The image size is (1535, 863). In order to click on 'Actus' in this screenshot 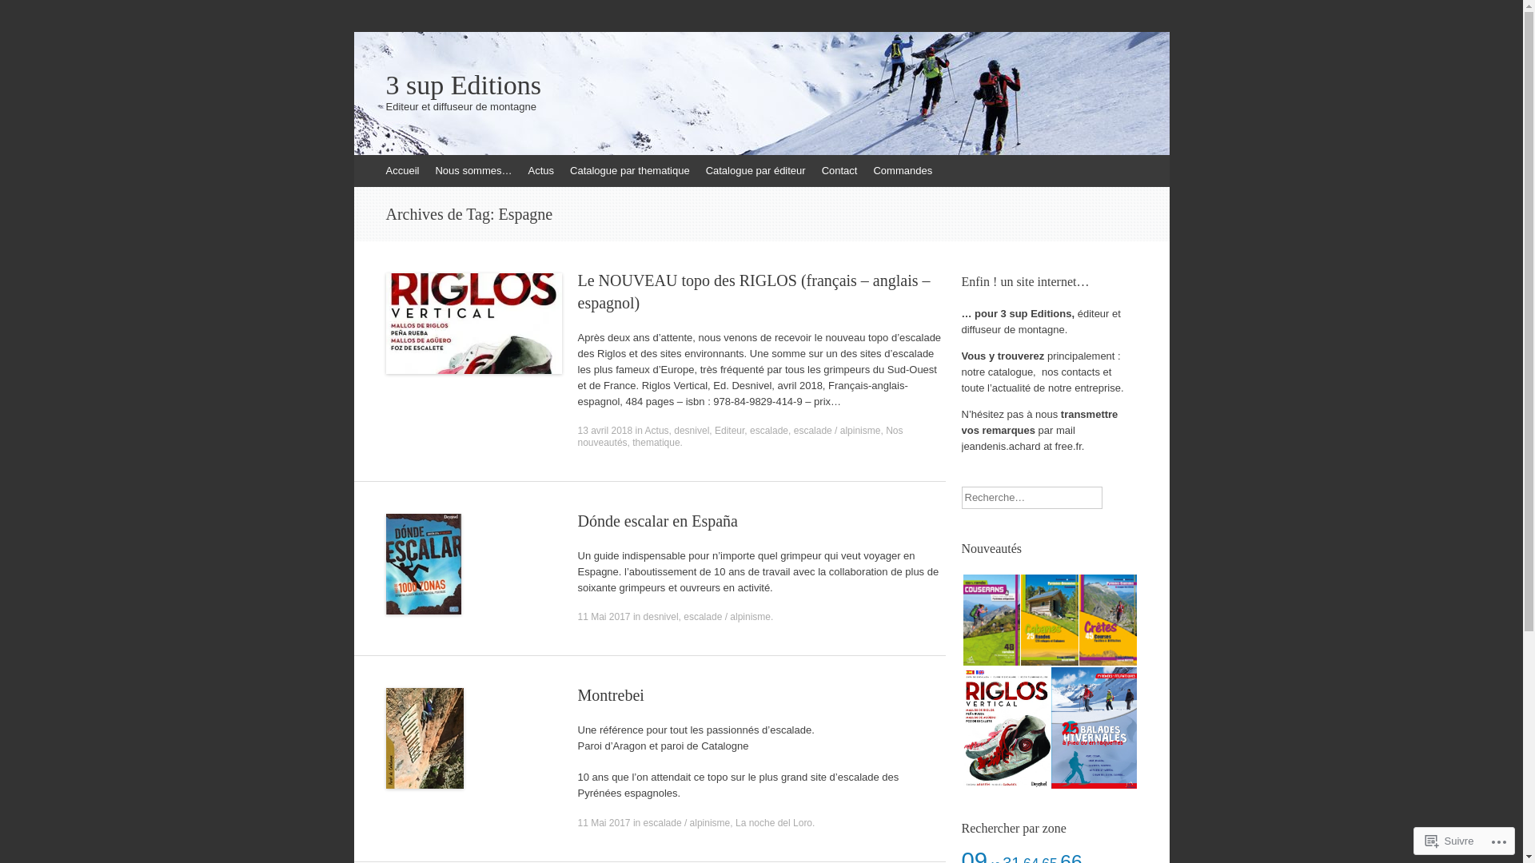, I will do `click(644, 430)`.